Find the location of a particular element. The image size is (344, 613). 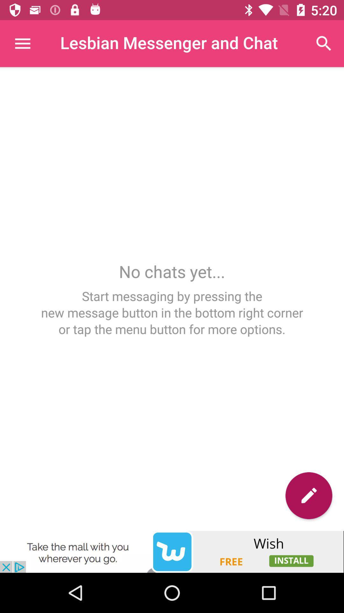

the edit icon is located at coordinates (308, 495).